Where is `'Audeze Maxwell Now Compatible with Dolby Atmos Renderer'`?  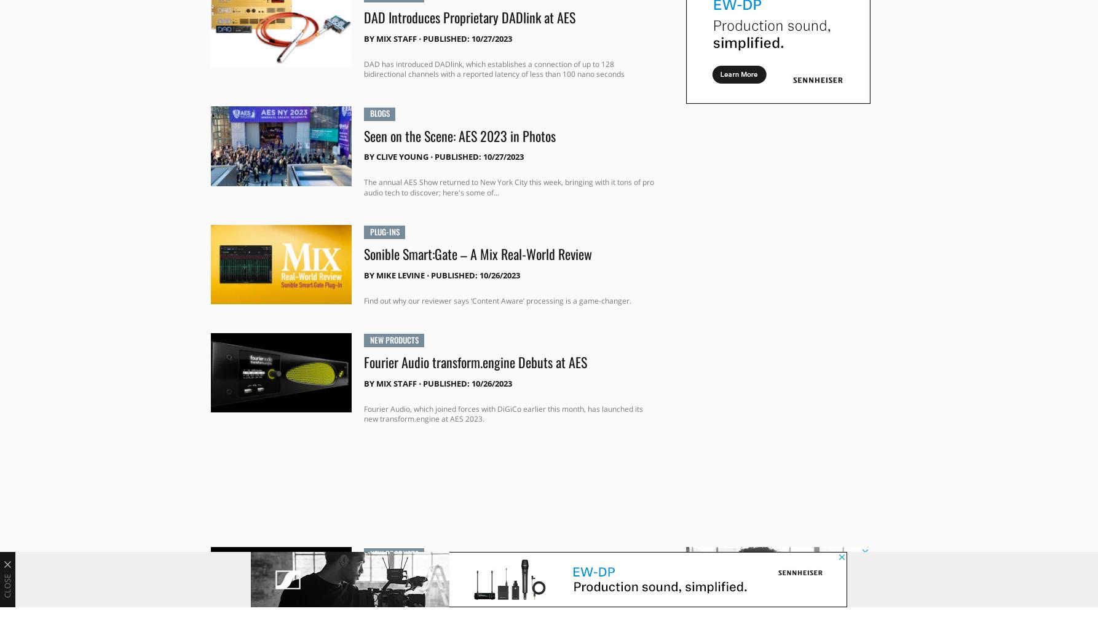 'Audeze Maxwell Now Compatible with Dolby Atmos Renderer' is located at coordinates (488, 584).